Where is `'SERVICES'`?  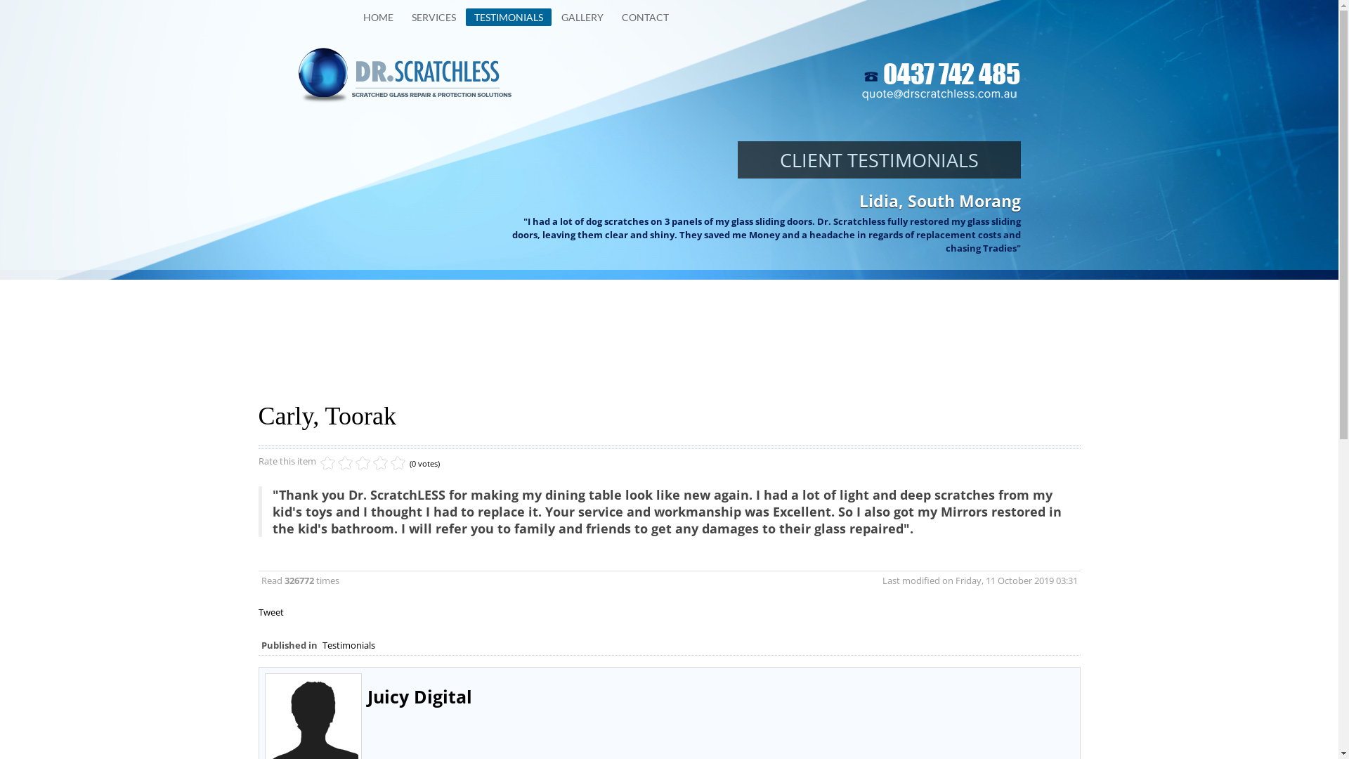 'SERVICES' is located at coordinates (433, 17).